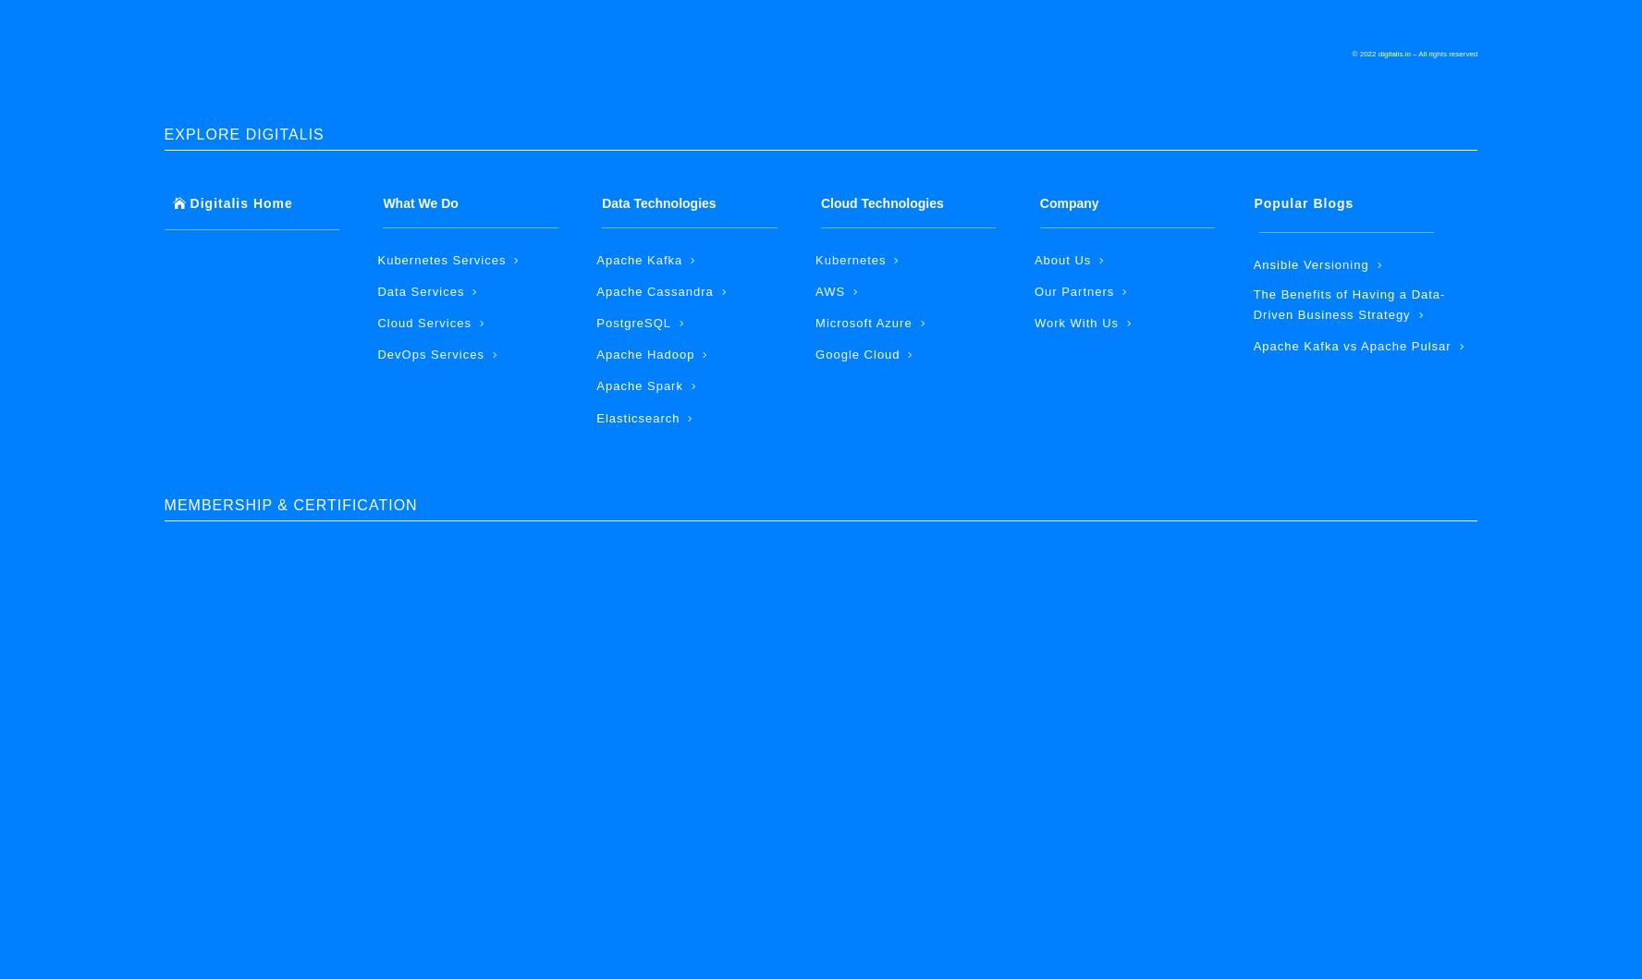 The image size is (1642, 979). What do you see at coordinates (240, 202) in the screenshot?
I see `'Digitalis Home'` at bounding box center [240, 202].